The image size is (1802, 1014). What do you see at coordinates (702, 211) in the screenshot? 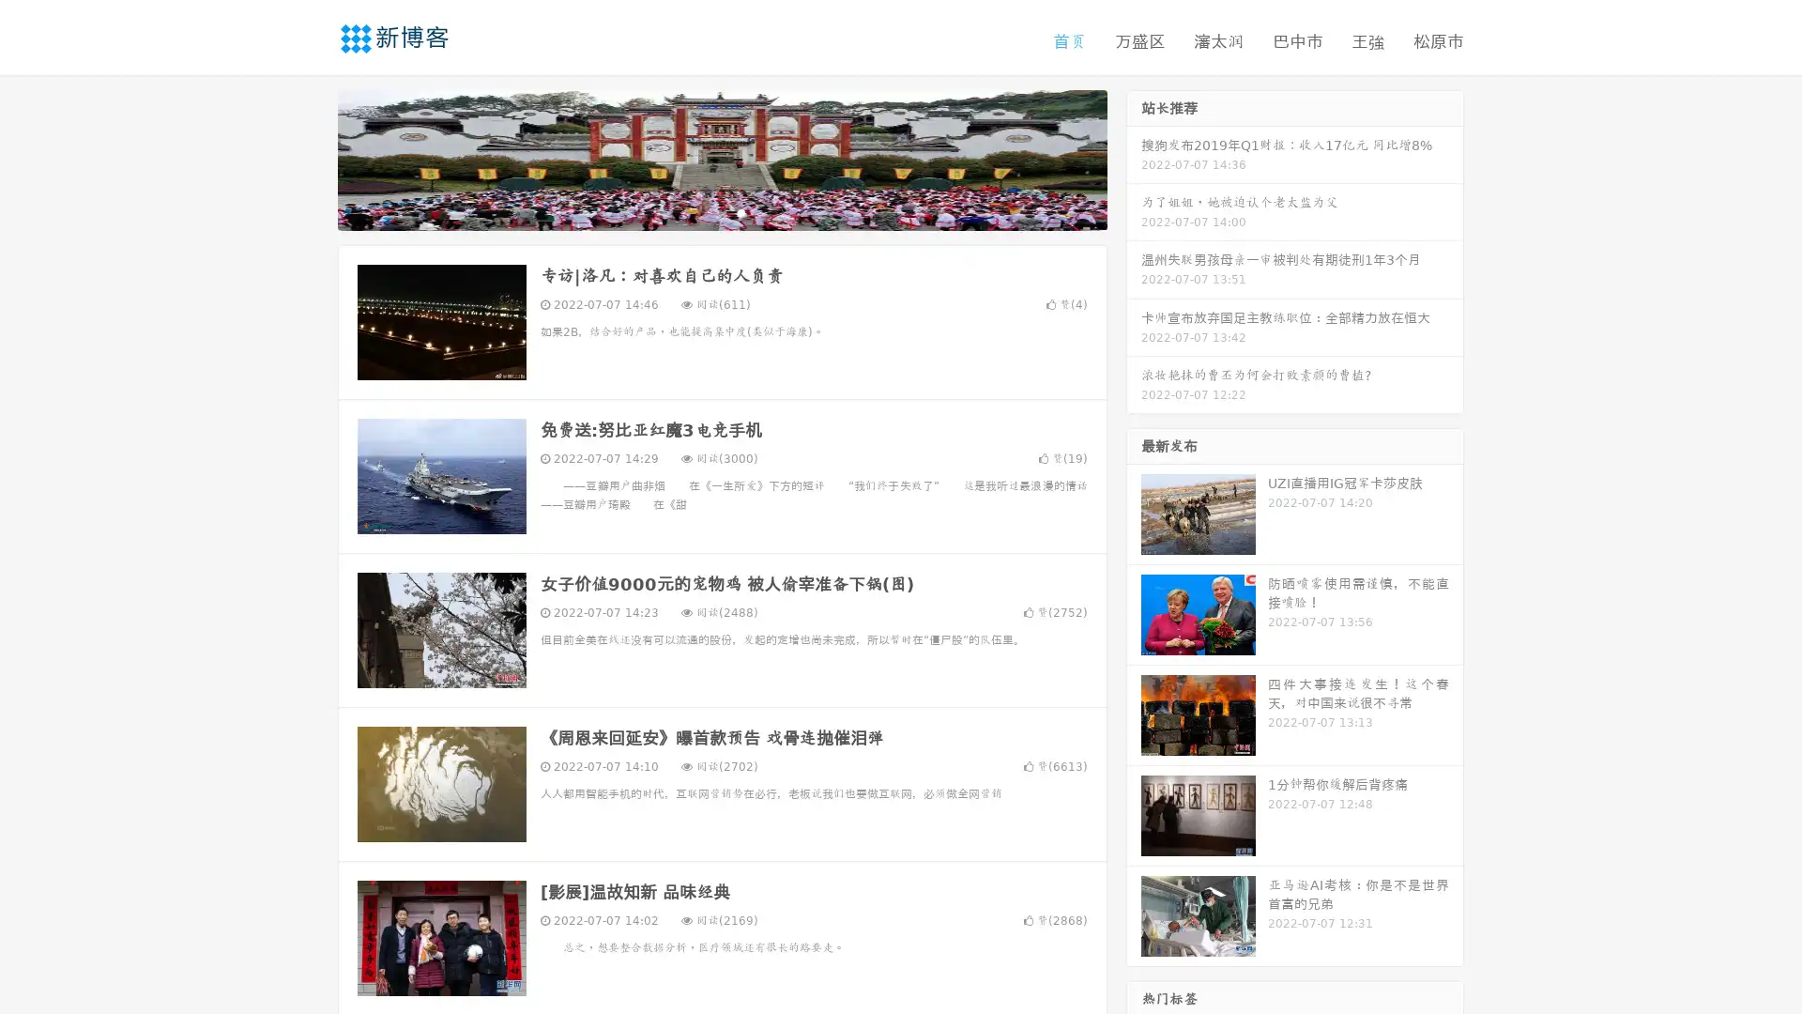
I see `Go to slide 1` at bounding box center [702, 211].